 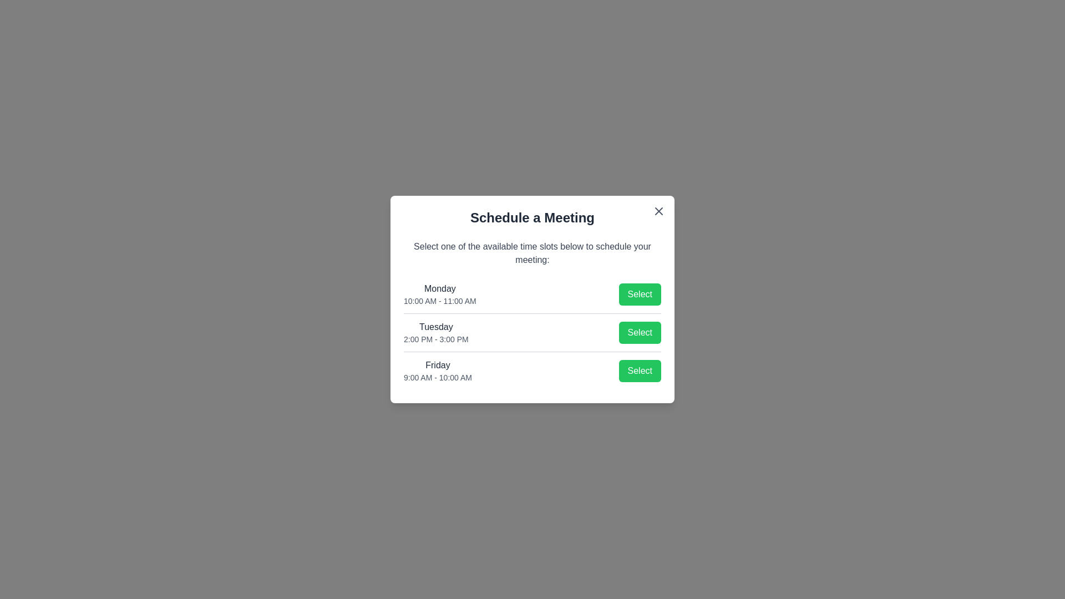 What do you see at coordinates (640, 294) in the screenshot?
I see `the 'Select' button corresponding to the Monday time slot` at bounding box center [640, 294].